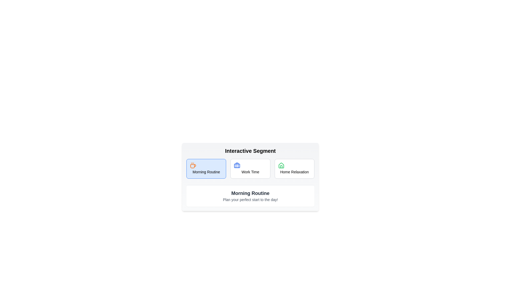  What do you see at coordinates (206, 169) in the screenshot?
I see `the 'Morning Routine' button to confirm selection and navigate to the corresponding section` at bounding box center [206, 169].